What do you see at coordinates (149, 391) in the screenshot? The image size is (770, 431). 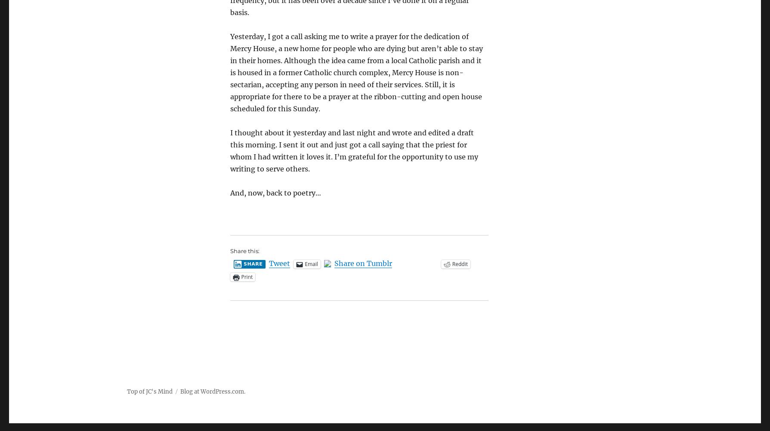 I see `'Top of JC's Mind'` at bounding box center [149, 391].